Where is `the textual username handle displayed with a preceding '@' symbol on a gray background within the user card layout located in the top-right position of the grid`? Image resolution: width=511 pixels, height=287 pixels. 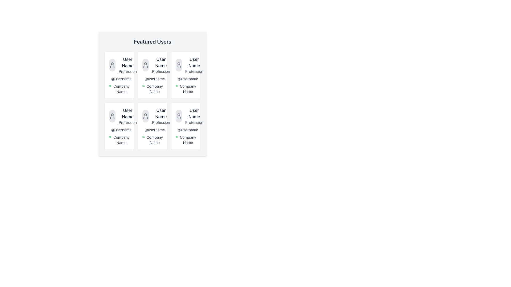 the textual username handle displayed with a preceding '@' symbol on a gray background within the user card layout located in the top-right position of the grid is located at coordinates (186, 79).